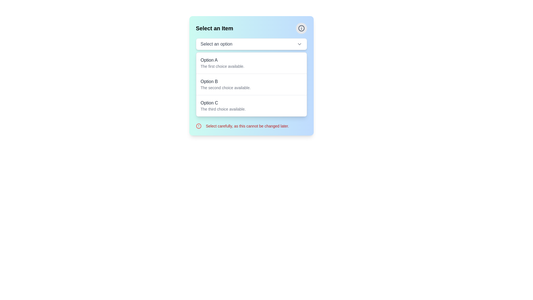  What do you see at coordinates (301, 28) in the screenshot?
I see `the information tooltip icon located at the top-right corner of the panel, near the 'Select an Item' dropdown` at bounding box center [301, 28].